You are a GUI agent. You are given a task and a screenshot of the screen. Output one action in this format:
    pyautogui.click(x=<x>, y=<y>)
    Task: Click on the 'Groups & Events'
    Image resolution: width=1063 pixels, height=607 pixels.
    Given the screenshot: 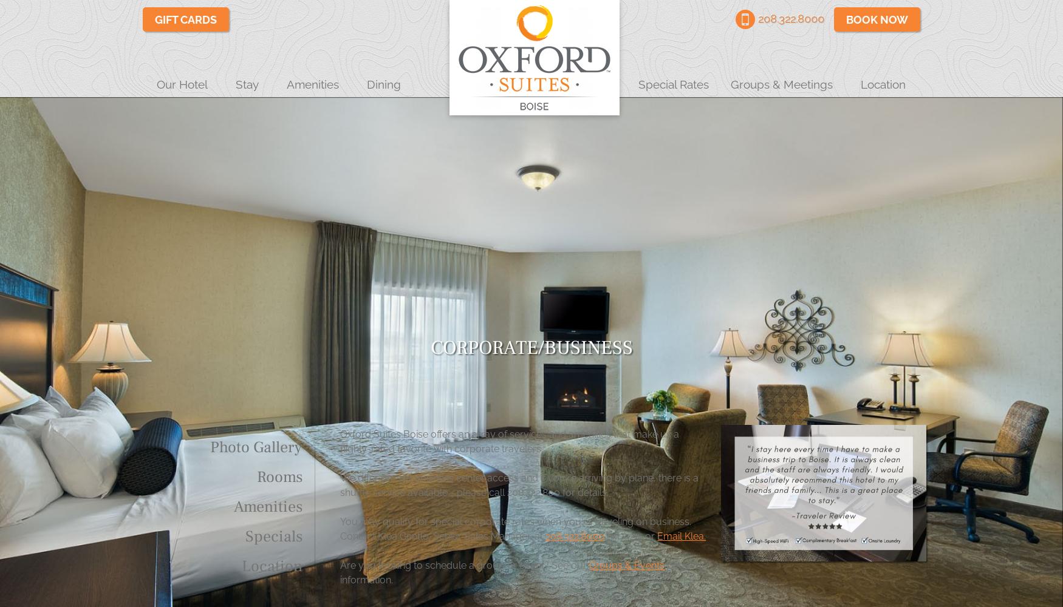 What is the action you would take?
    pyautogui.click(x=626, y=565)
    